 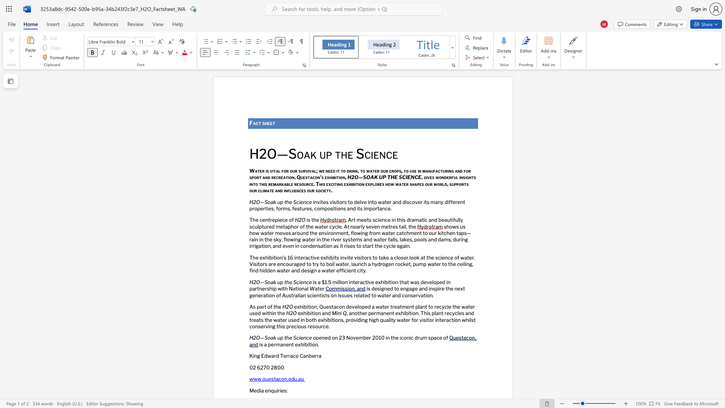 I want to click on the space between the continuous character "u" and "p" in the text, so click(x=280, y=201).